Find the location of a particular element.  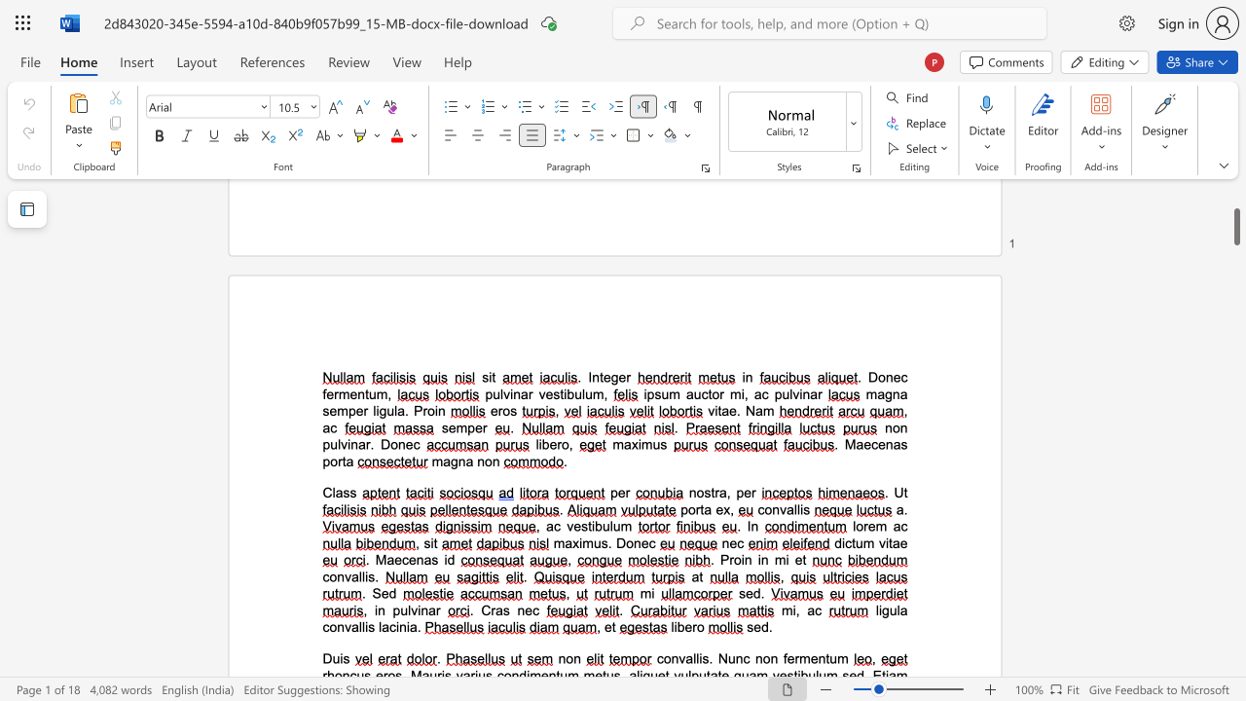

the 1th character "a" in the text is located at coordinates (431, 609).